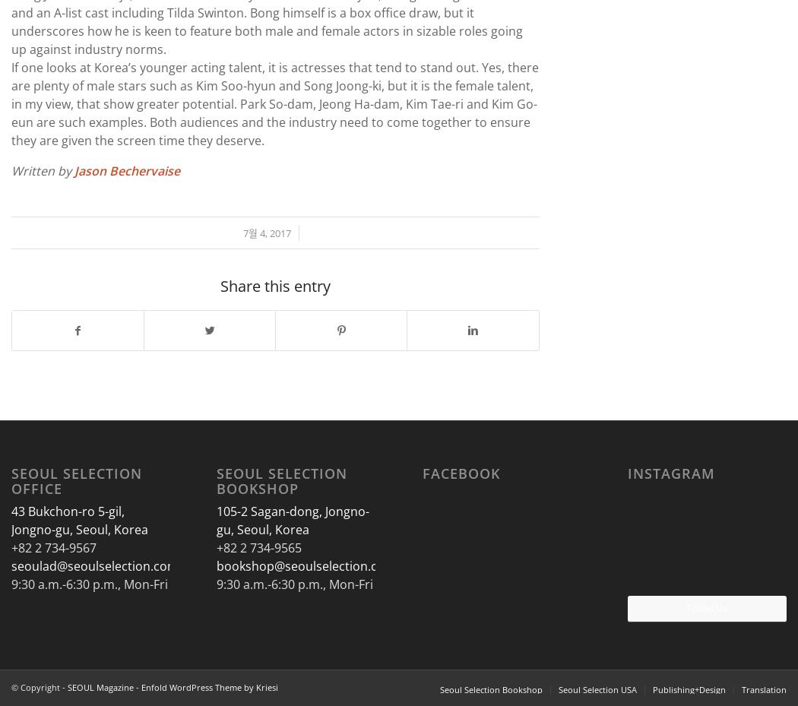  I want to click on 'Facebook', so click(460, 472).